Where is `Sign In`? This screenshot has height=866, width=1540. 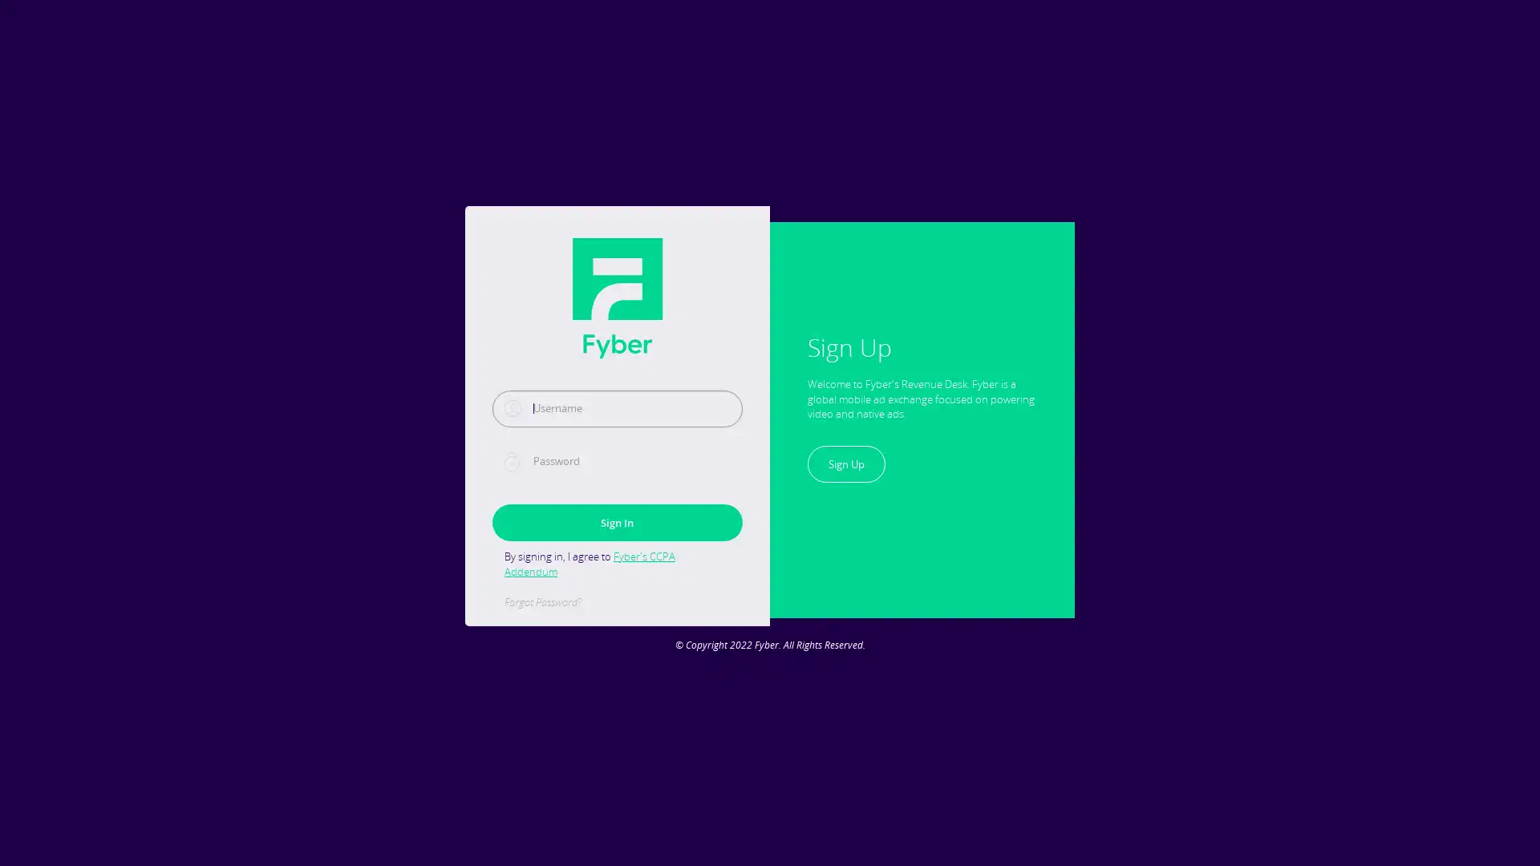
Sign In is located at coordinates (616, 522).